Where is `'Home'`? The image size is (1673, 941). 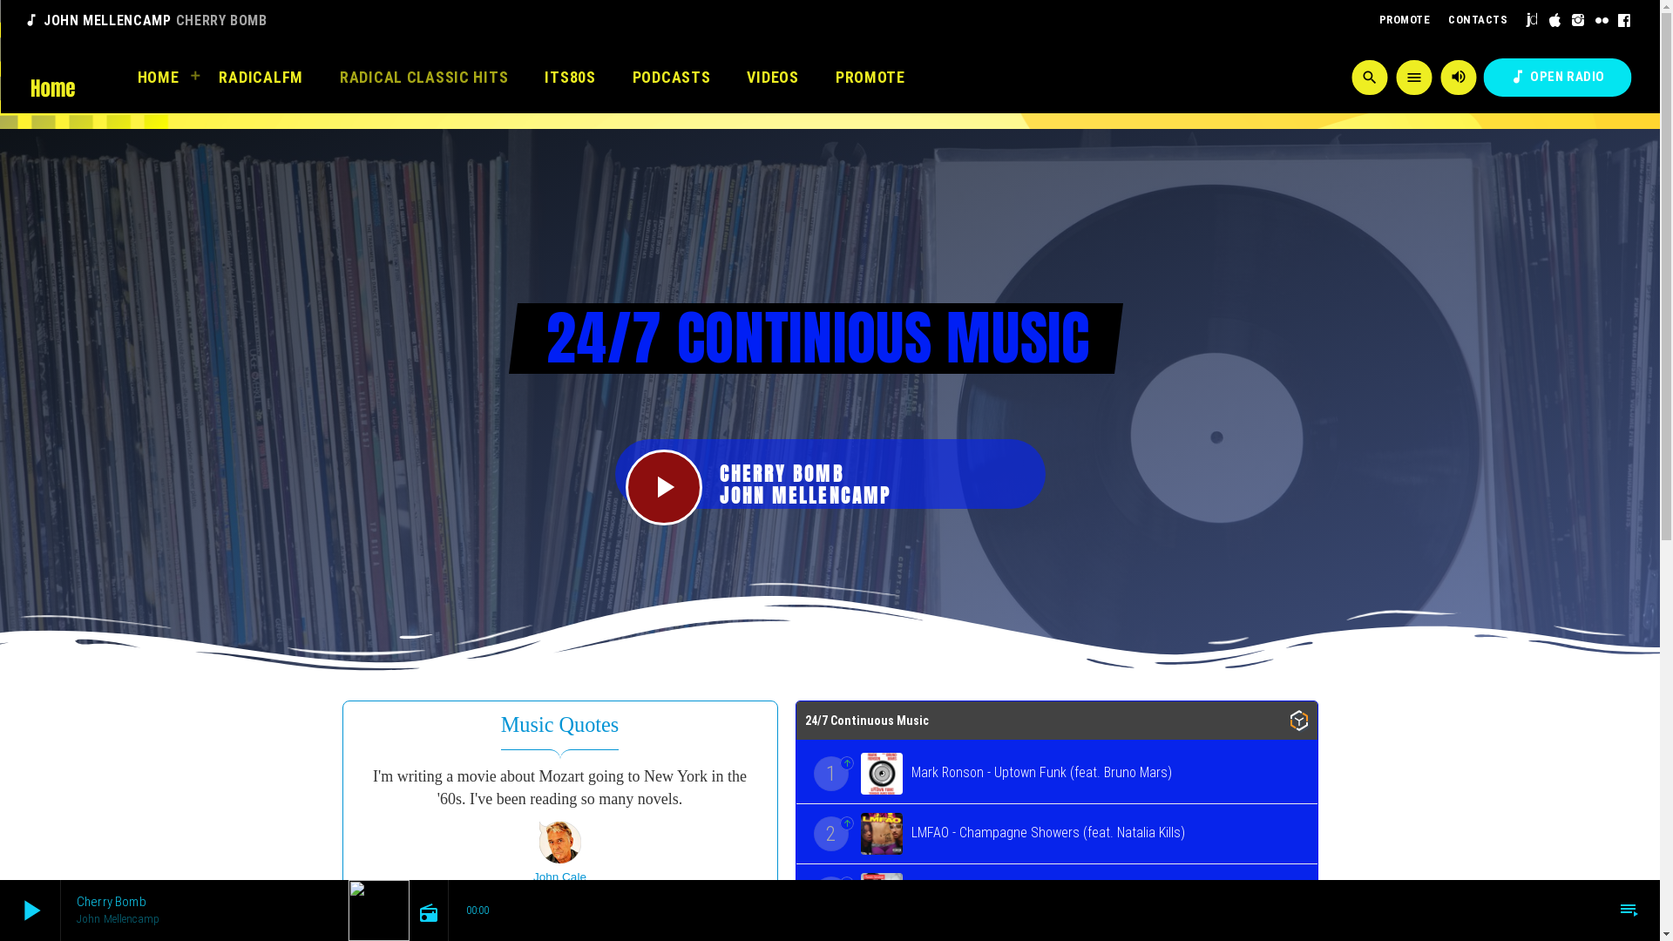
'Home' is located at coordinates (30, 76).